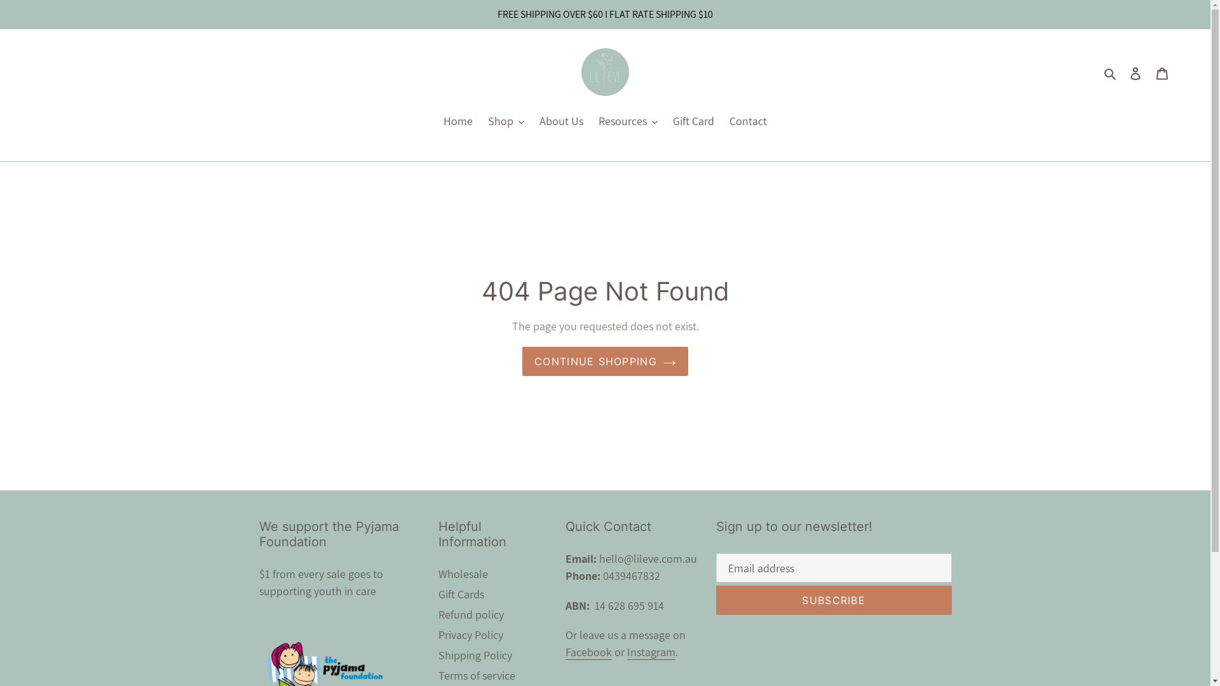 The width and height of the screenshot is (1220, 686). Describe the element at coordinates (693, 121) in the screenshot. I see `'Gift Card'` at that location.